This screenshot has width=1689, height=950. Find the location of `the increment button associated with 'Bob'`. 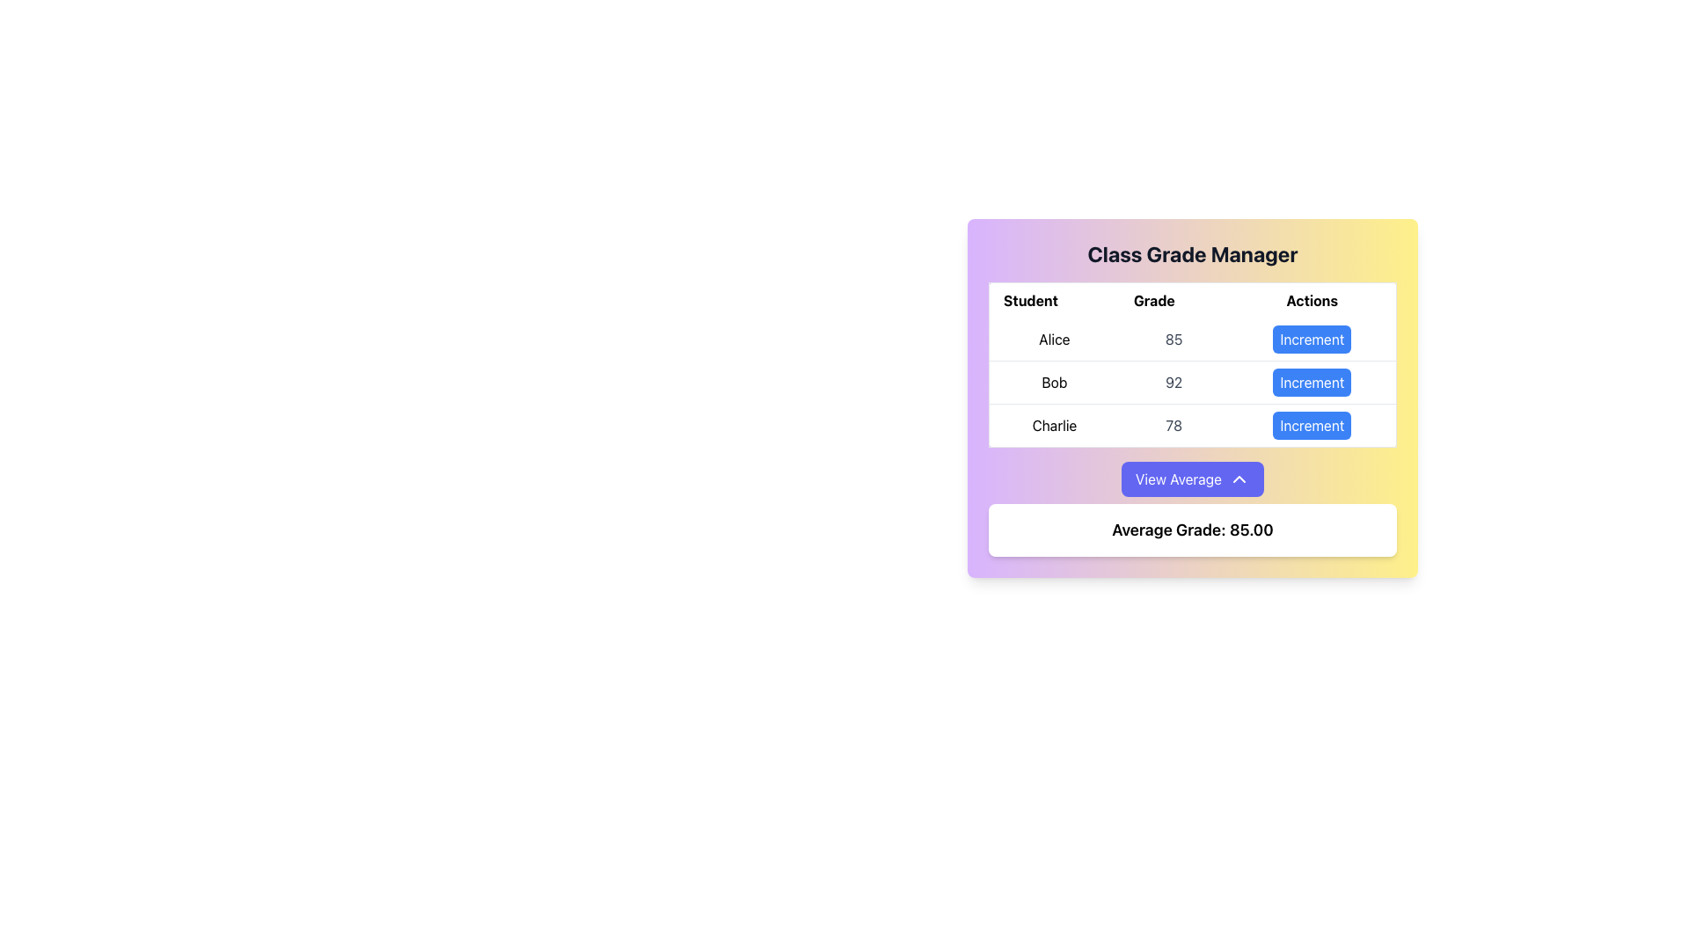

the increment button associated with 'Bob' is located at coordinates (1312, 382).